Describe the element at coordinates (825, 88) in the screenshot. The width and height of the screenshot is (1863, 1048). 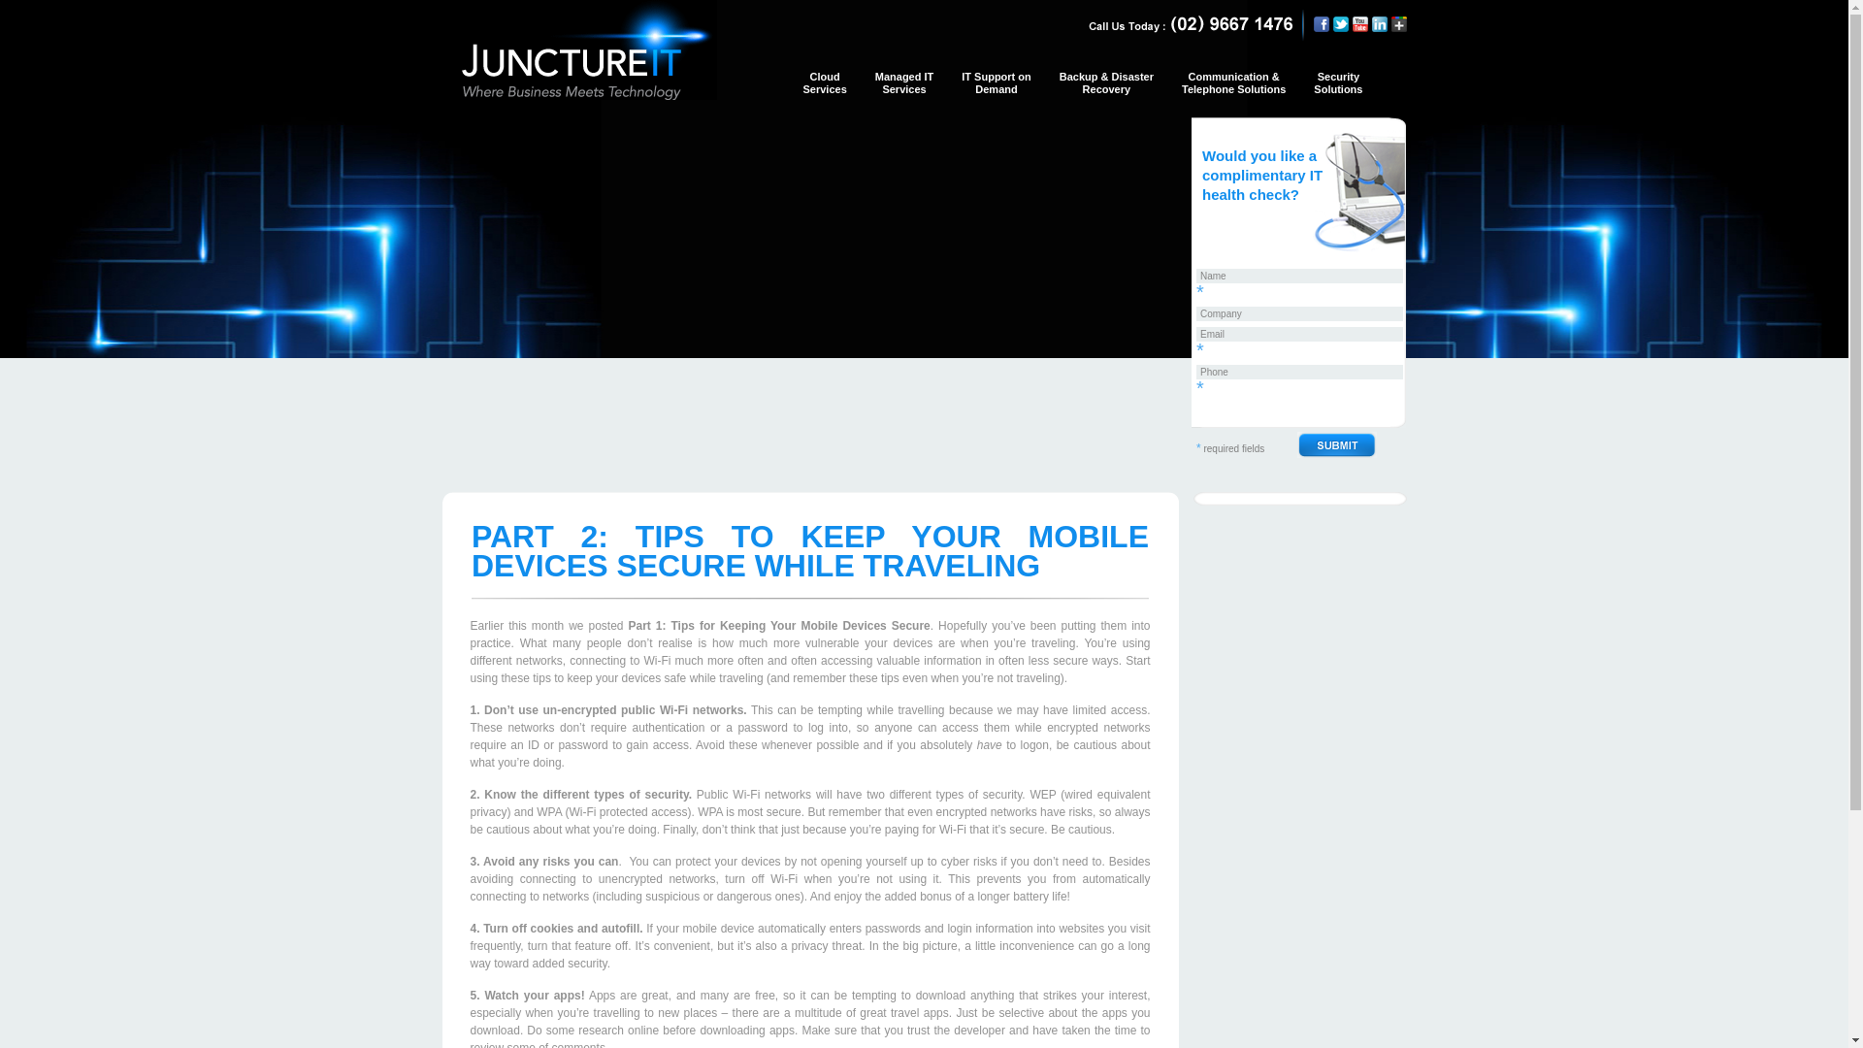
I see `'Cloud` at that location.